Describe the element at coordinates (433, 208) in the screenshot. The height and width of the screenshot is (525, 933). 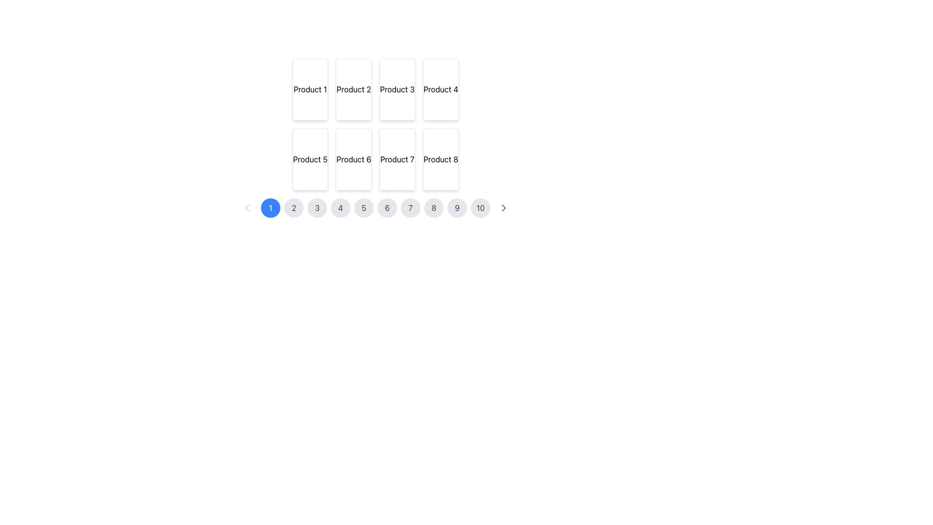
I see `the navigation button that allows users` at that location.